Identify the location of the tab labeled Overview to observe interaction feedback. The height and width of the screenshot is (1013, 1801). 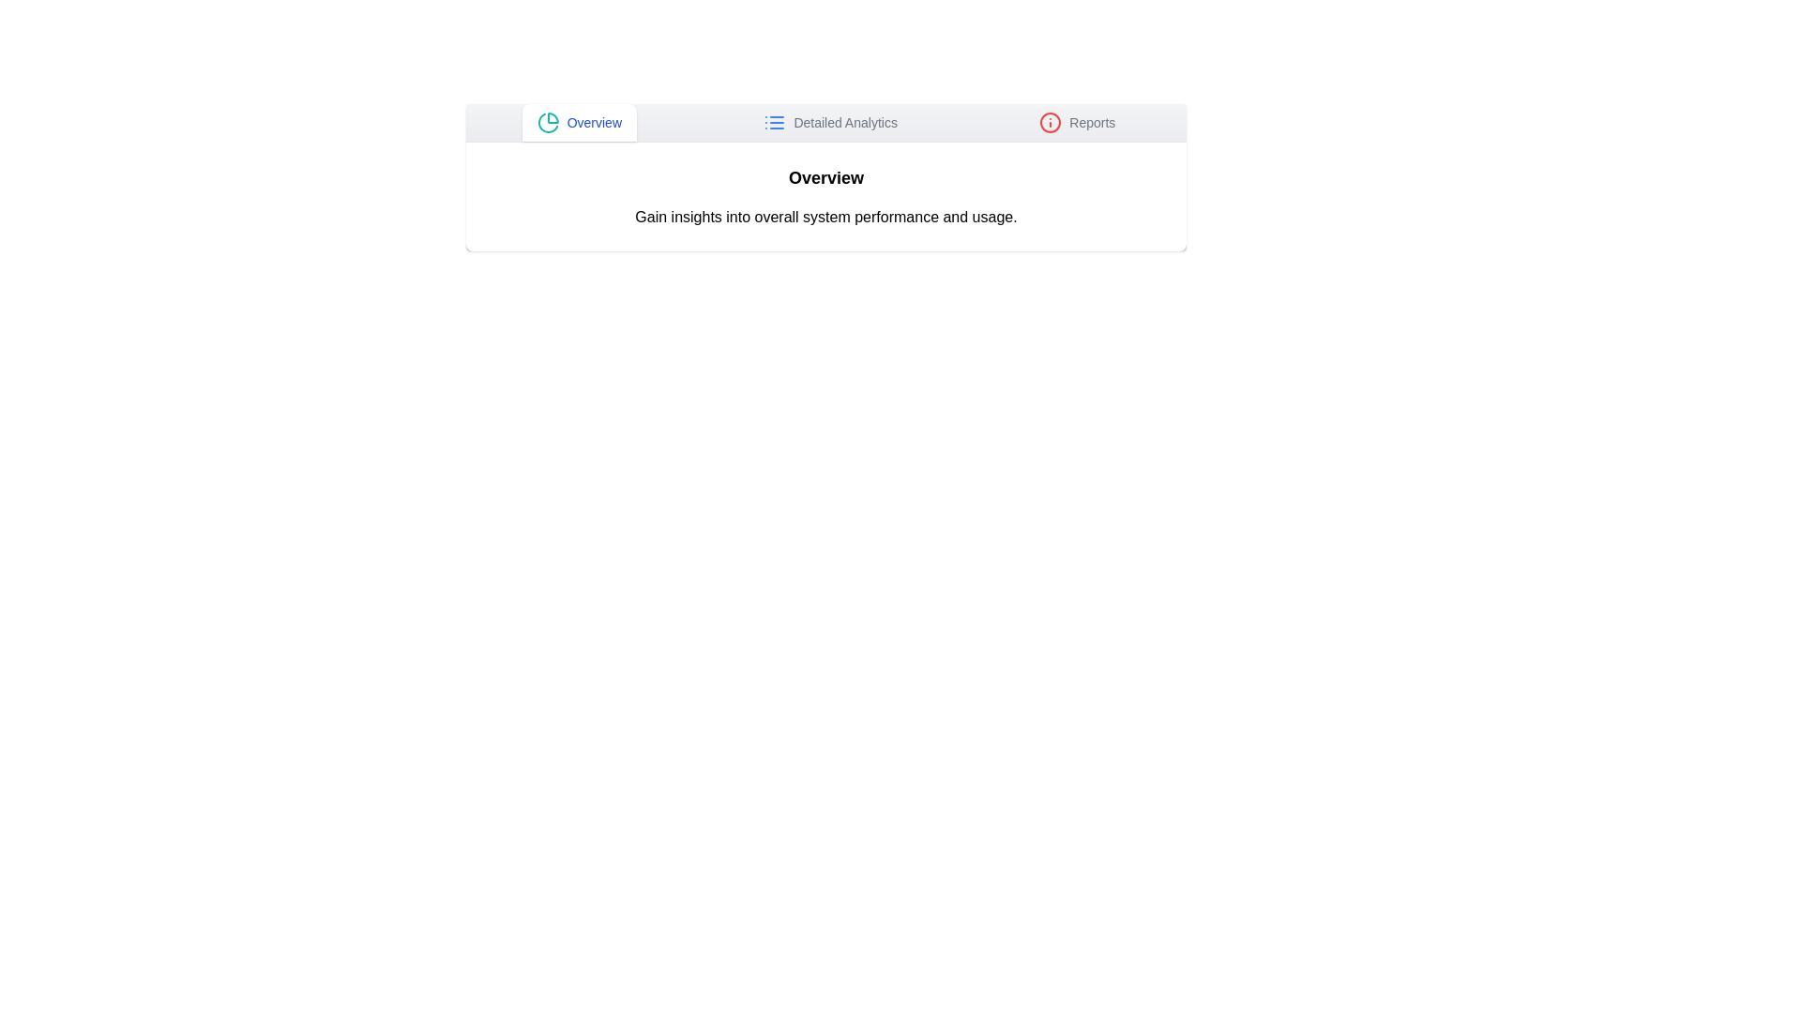
(578, 123).